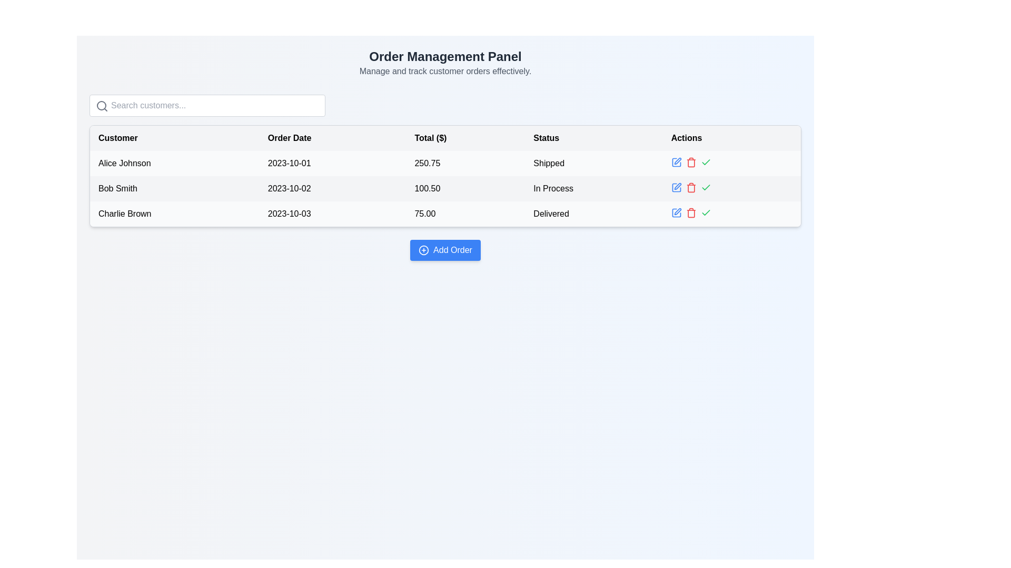  Describe the element at coordinates (676, 187) in the screenshot. I see `the edit icon button in the 'Actions' column for 'Bob Smith'` at that location.